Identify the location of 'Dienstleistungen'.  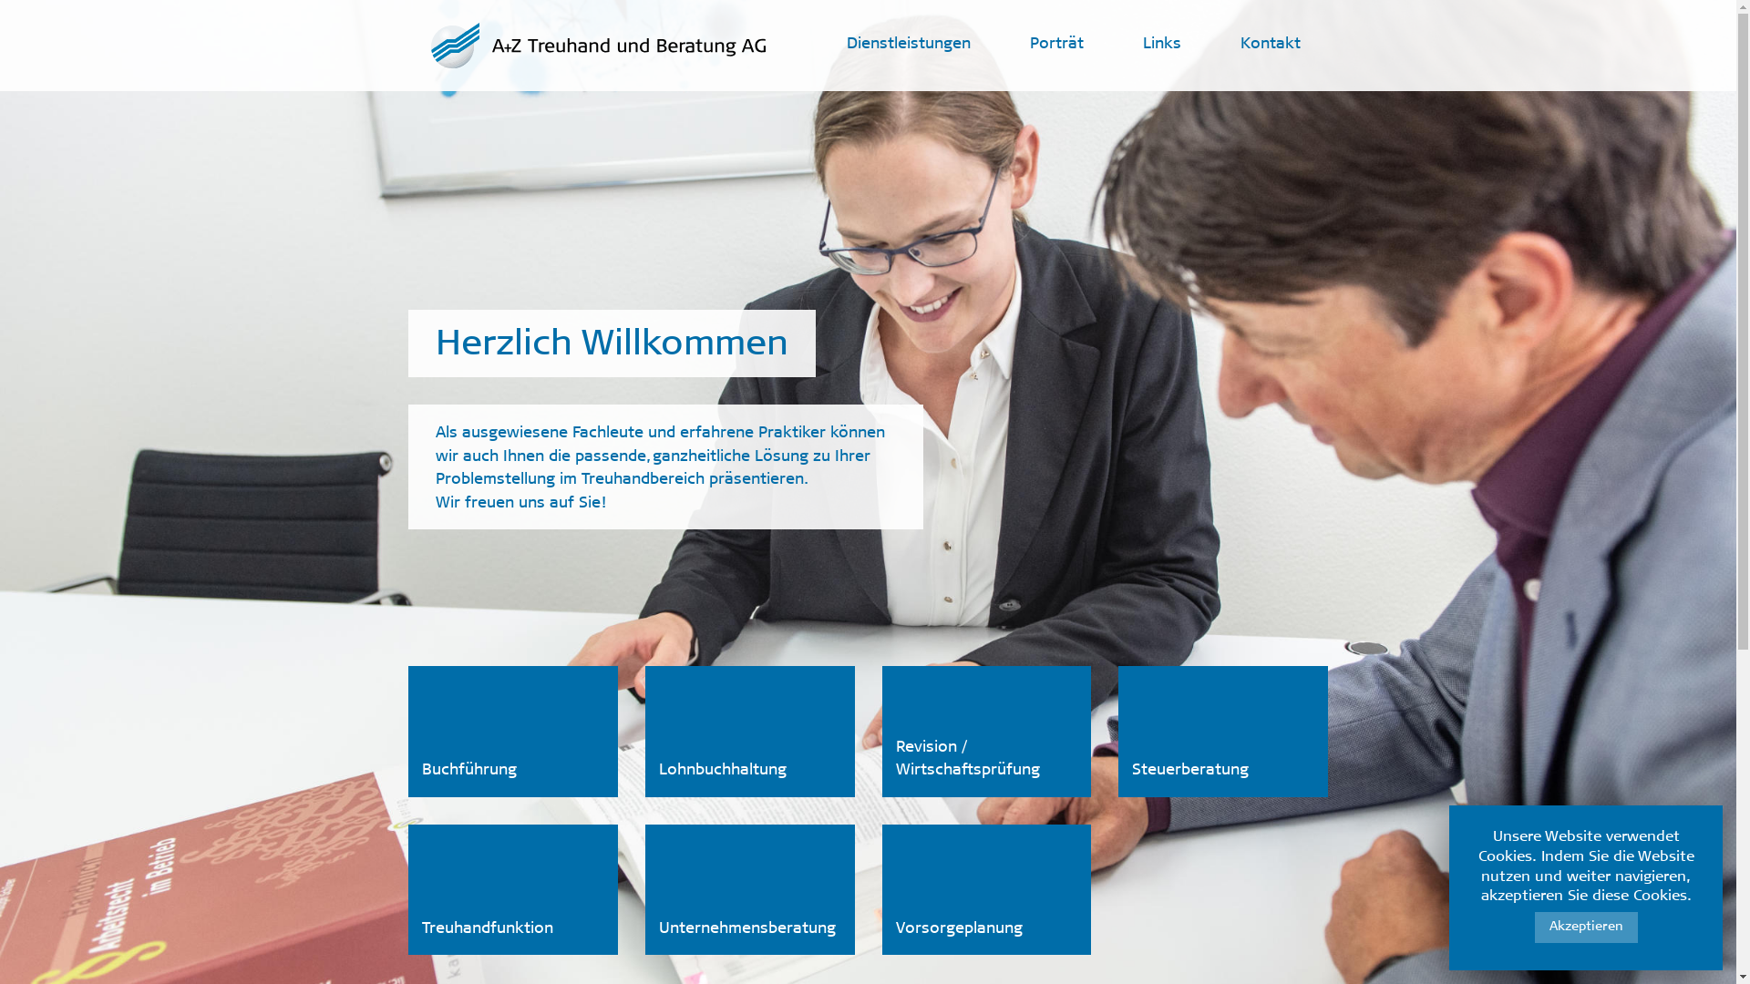
(909, 45).